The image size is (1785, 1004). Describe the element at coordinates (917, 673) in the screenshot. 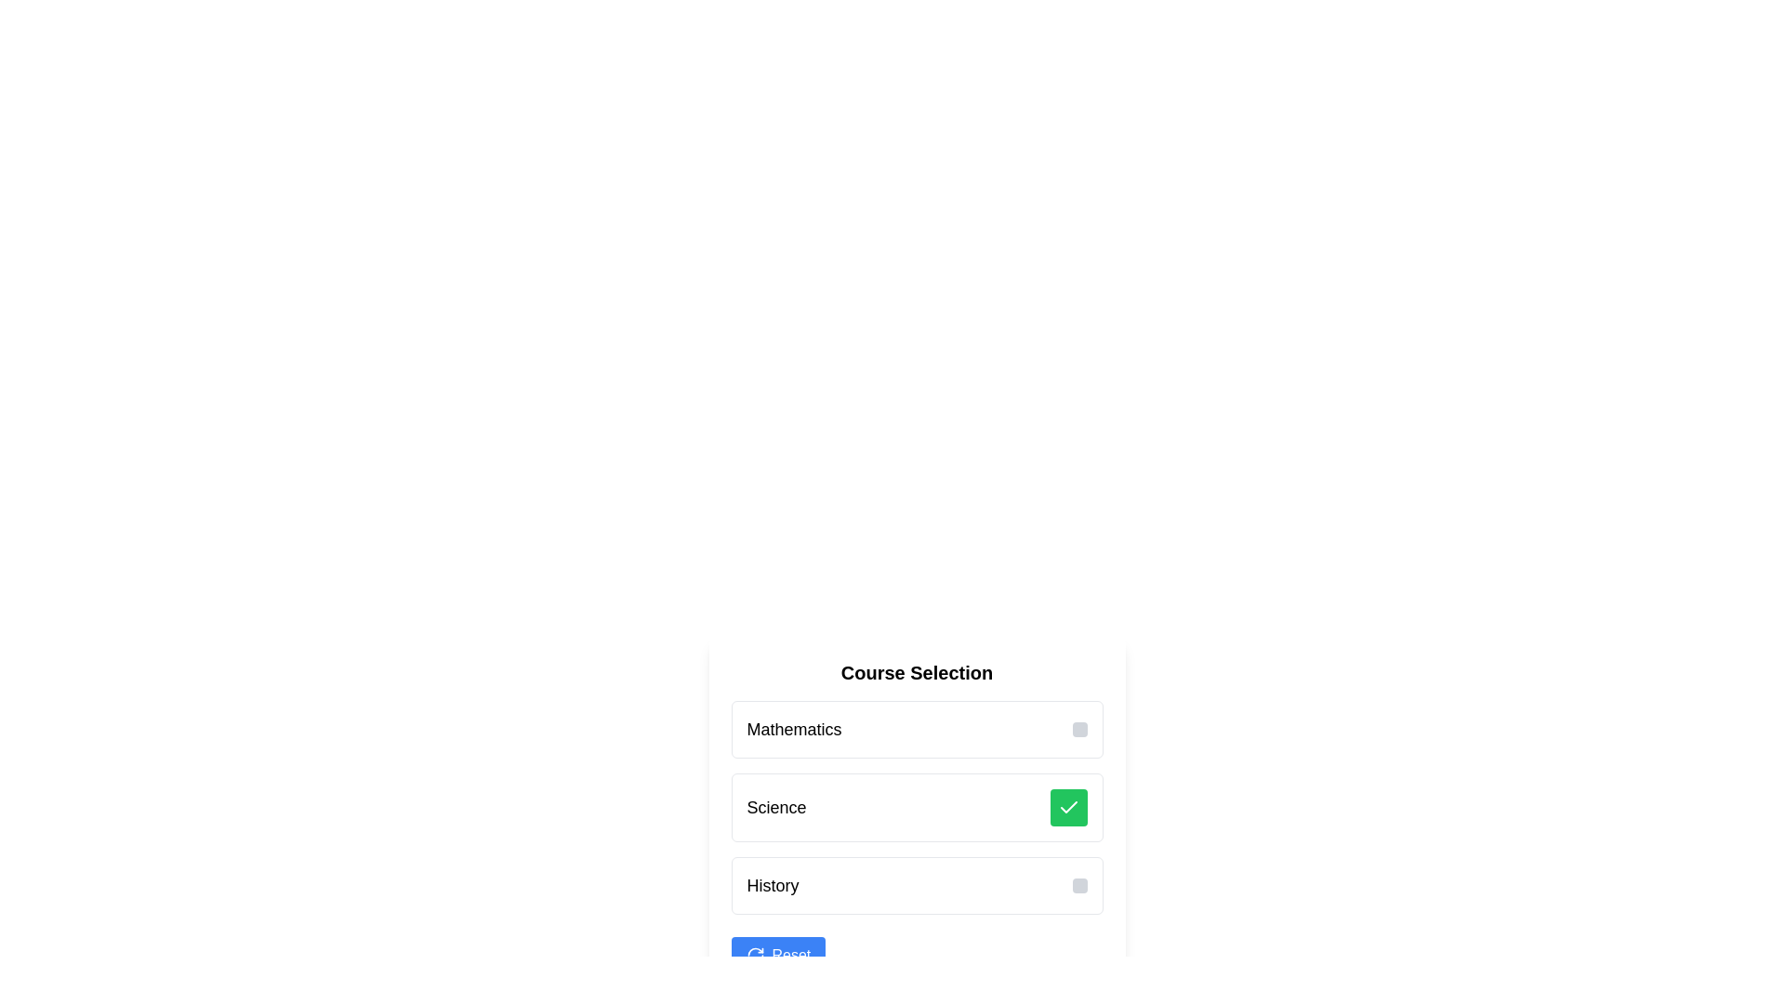

I see `the text label that serves as the title for the course selection interface, located above the list of selectable courses and the Reset button` at that location.